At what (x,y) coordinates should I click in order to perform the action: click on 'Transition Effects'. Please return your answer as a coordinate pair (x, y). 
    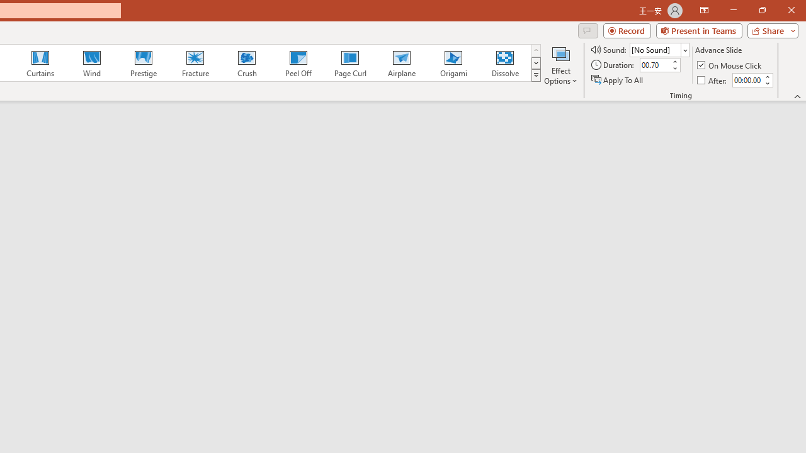
    Looking at the image, I should click on (536, 75).